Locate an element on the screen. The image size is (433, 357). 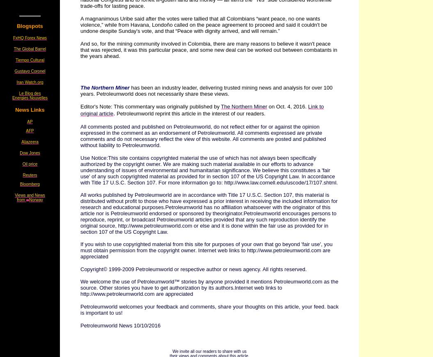
'Editor's Note: This commentary was originally published by' is located at coordinates (151, 106).